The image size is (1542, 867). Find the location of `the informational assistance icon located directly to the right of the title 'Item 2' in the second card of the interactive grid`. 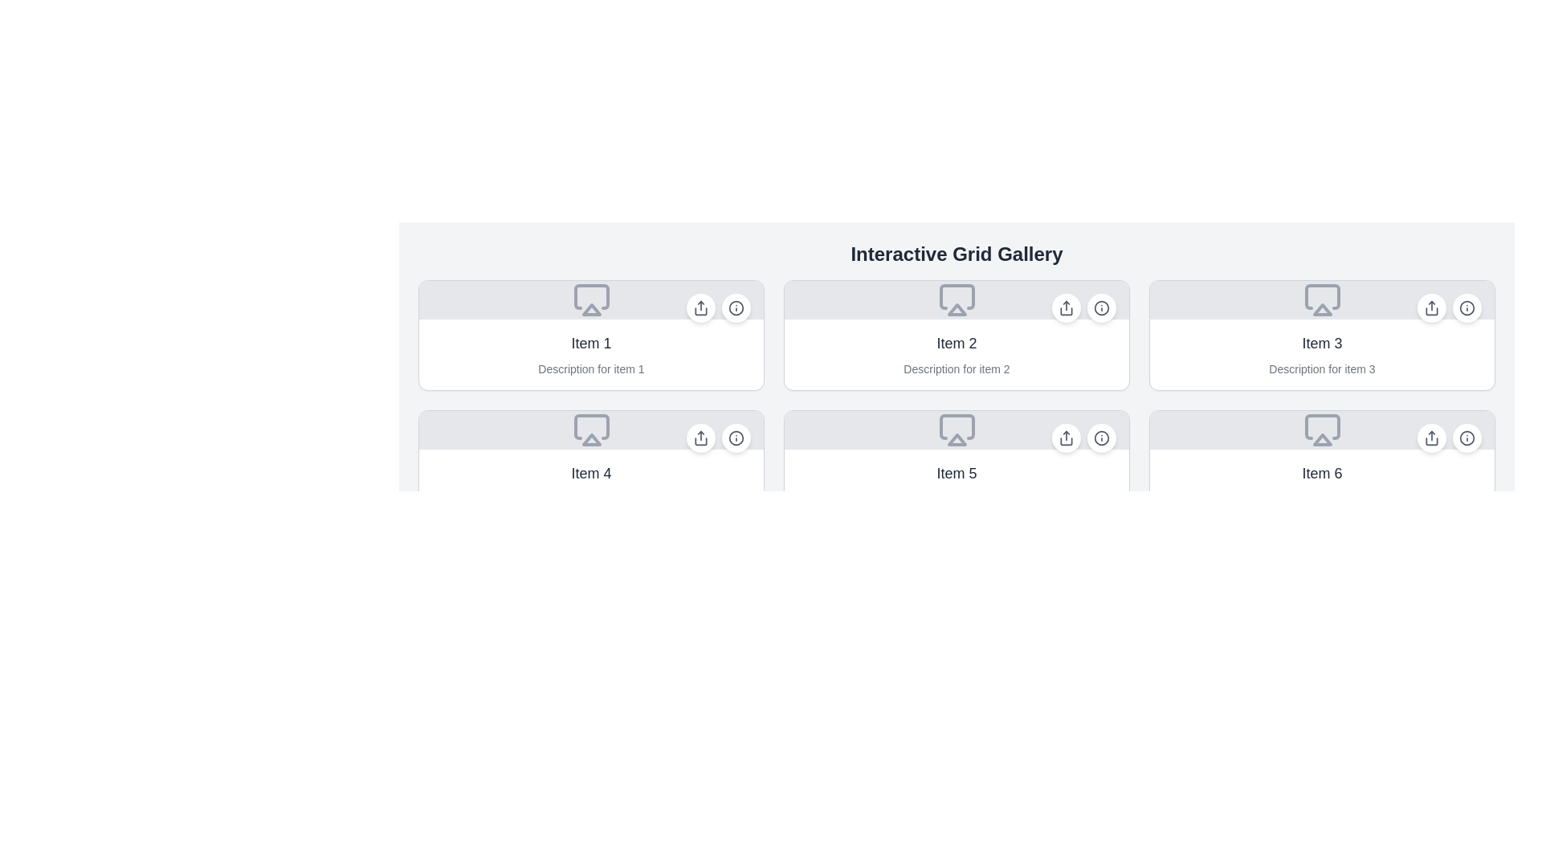

the informational assistance icon located directly to the right of the title 'Item 2' in the second card of the interactive grid is located at coordinates (1101, 308).